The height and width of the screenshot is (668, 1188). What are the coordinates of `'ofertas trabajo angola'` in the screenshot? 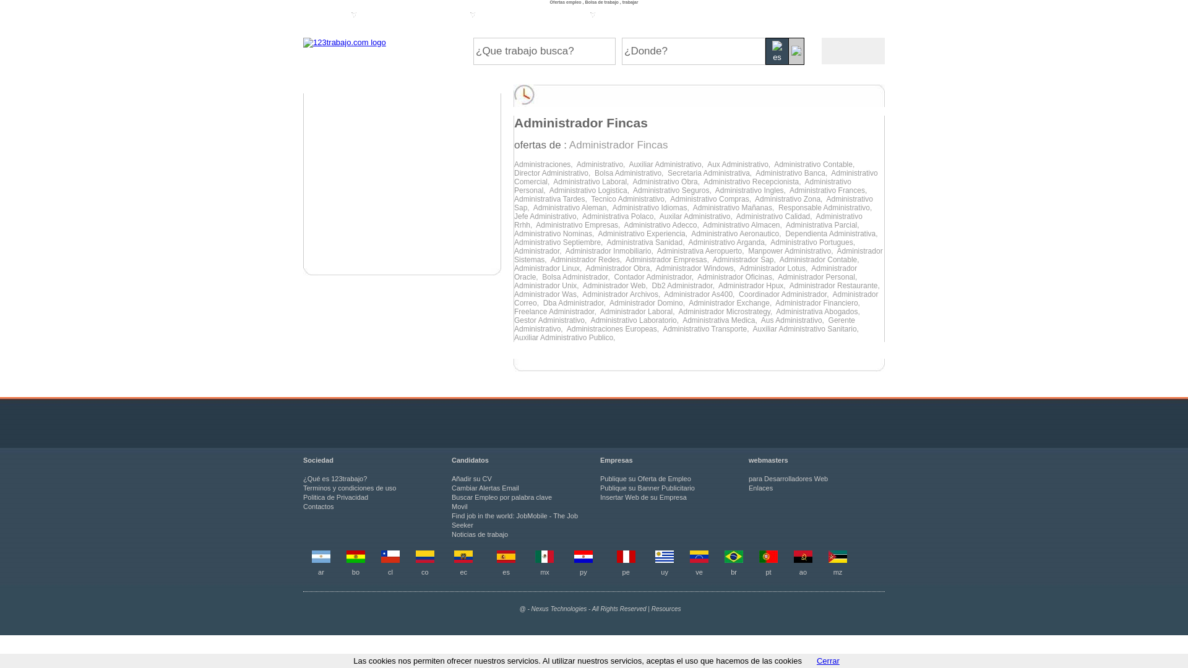 It's located at (793, 560).